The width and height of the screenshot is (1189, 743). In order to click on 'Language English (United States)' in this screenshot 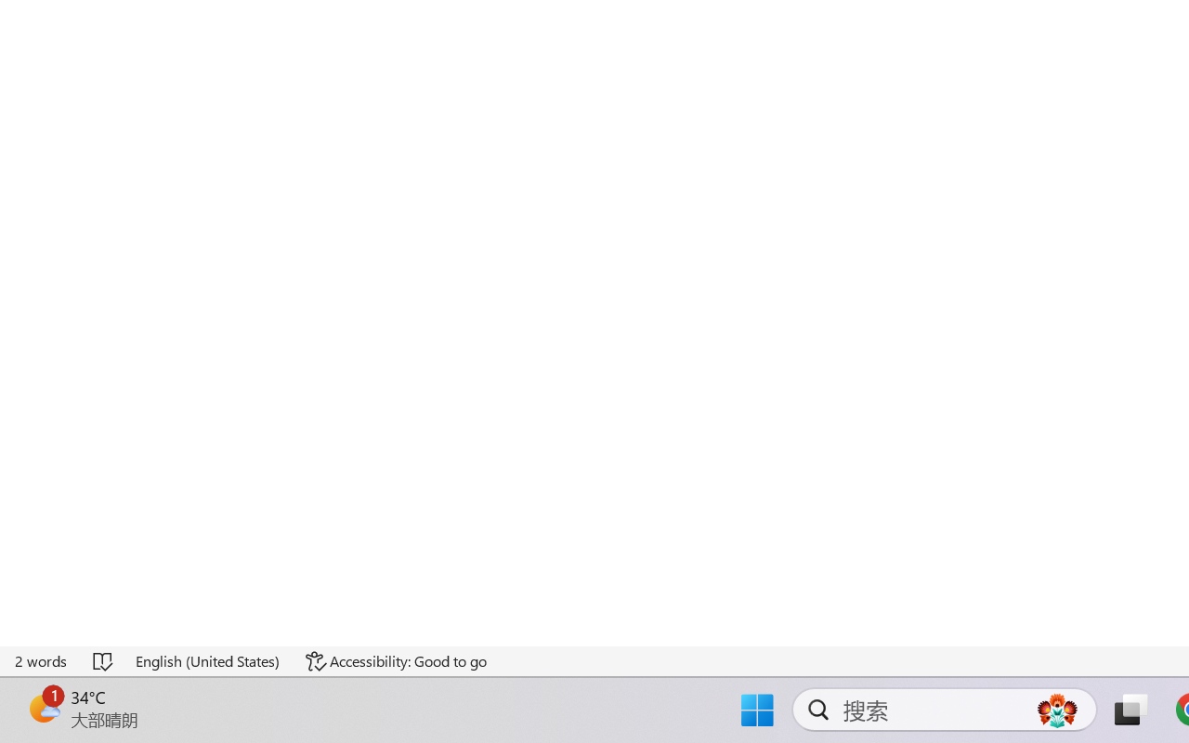, I will do `click(208, 660)`.